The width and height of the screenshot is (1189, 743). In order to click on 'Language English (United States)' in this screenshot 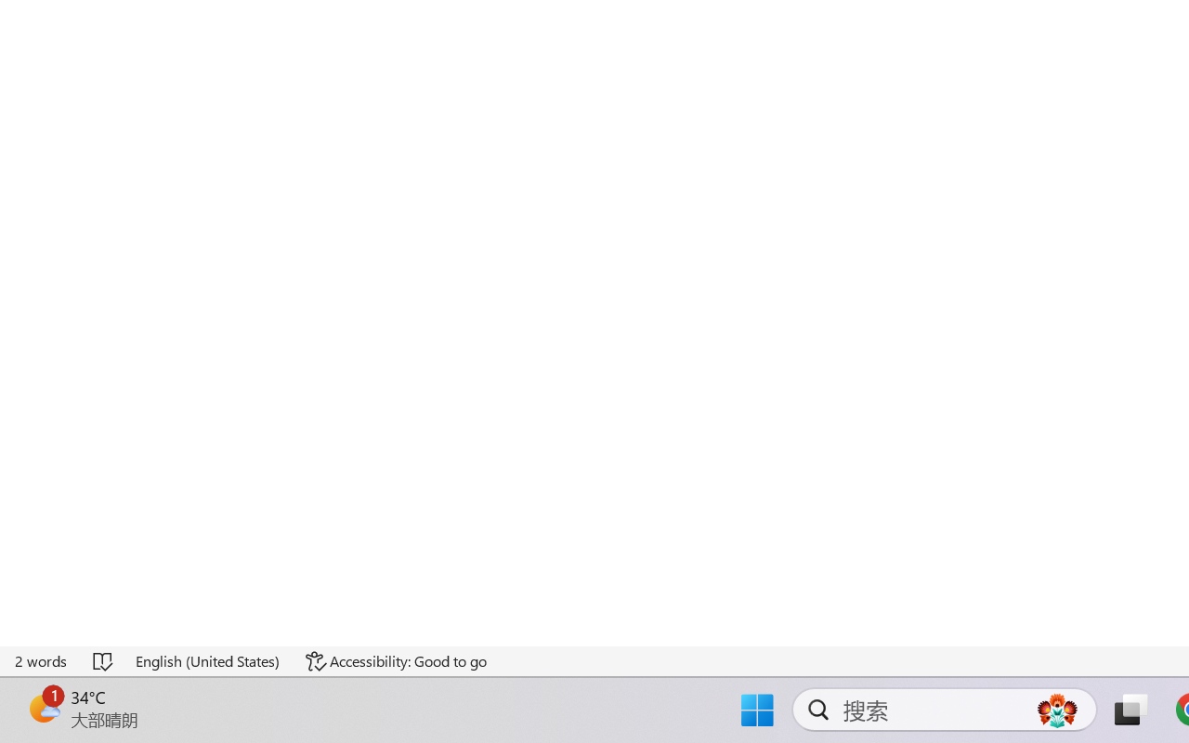, I will do `click(208, 660)`.